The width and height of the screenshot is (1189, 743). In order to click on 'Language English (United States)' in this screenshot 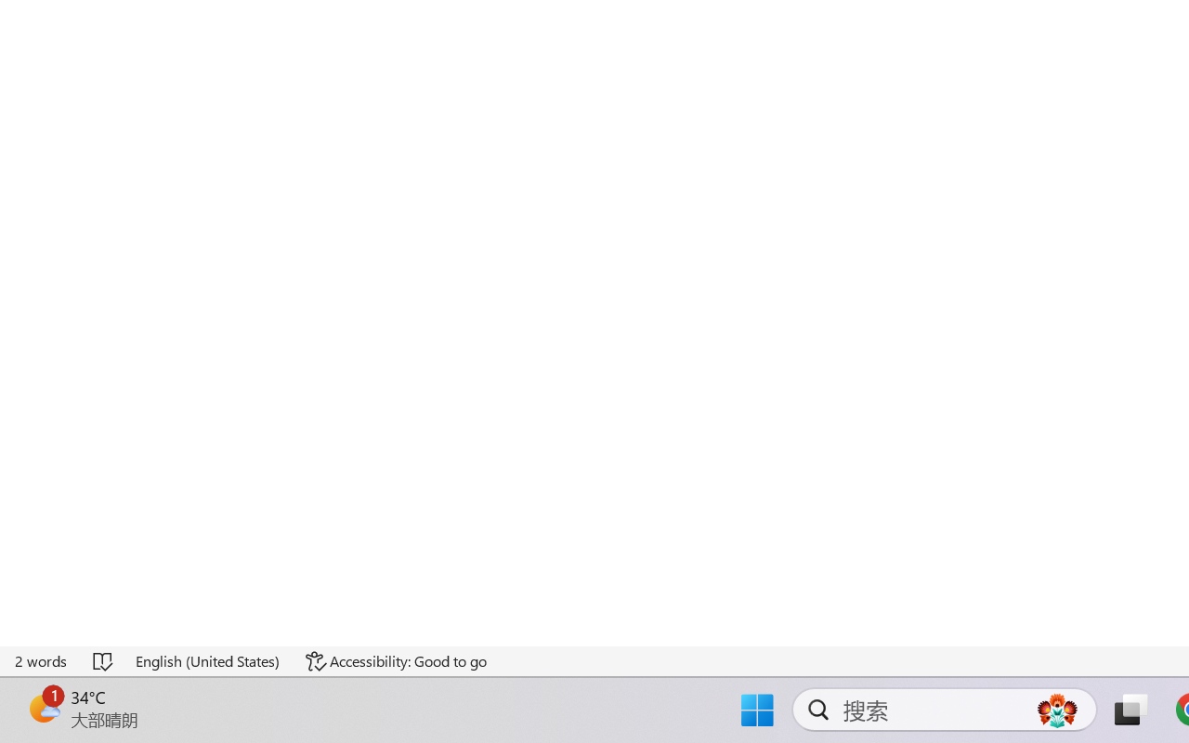, I will do `click(208, 660)`.